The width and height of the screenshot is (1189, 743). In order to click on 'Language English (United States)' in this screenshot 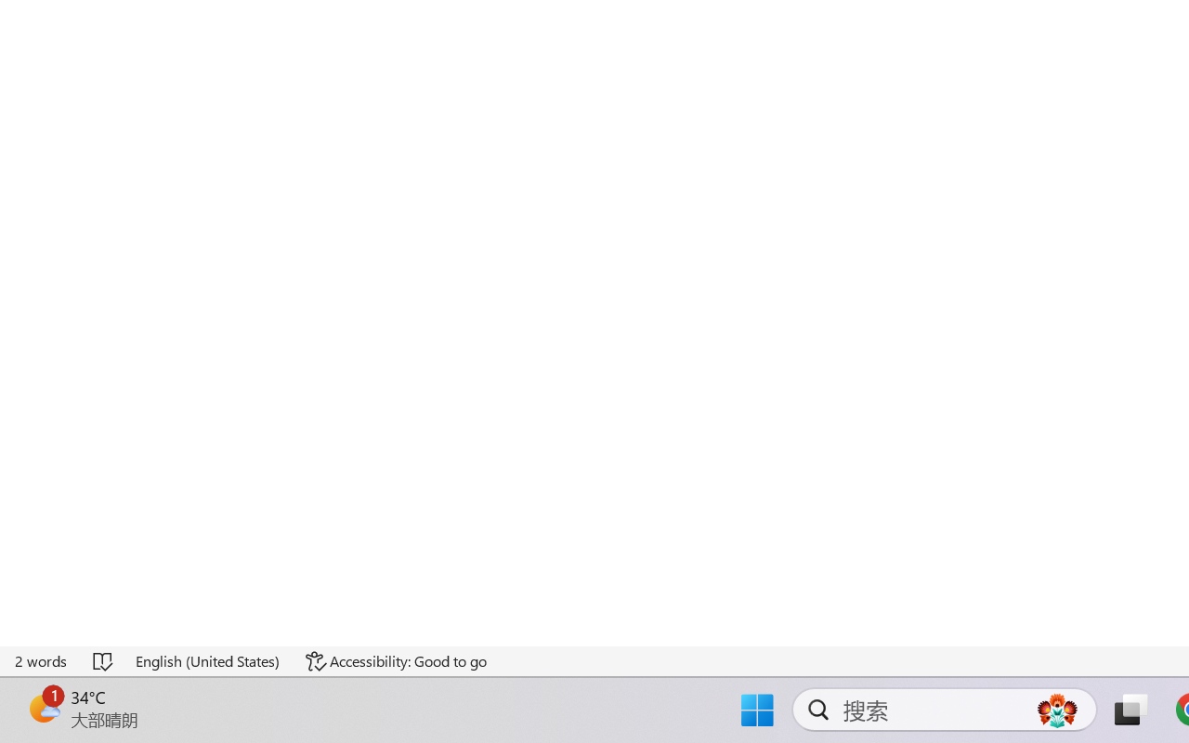, I will do `click(208, 660)`.